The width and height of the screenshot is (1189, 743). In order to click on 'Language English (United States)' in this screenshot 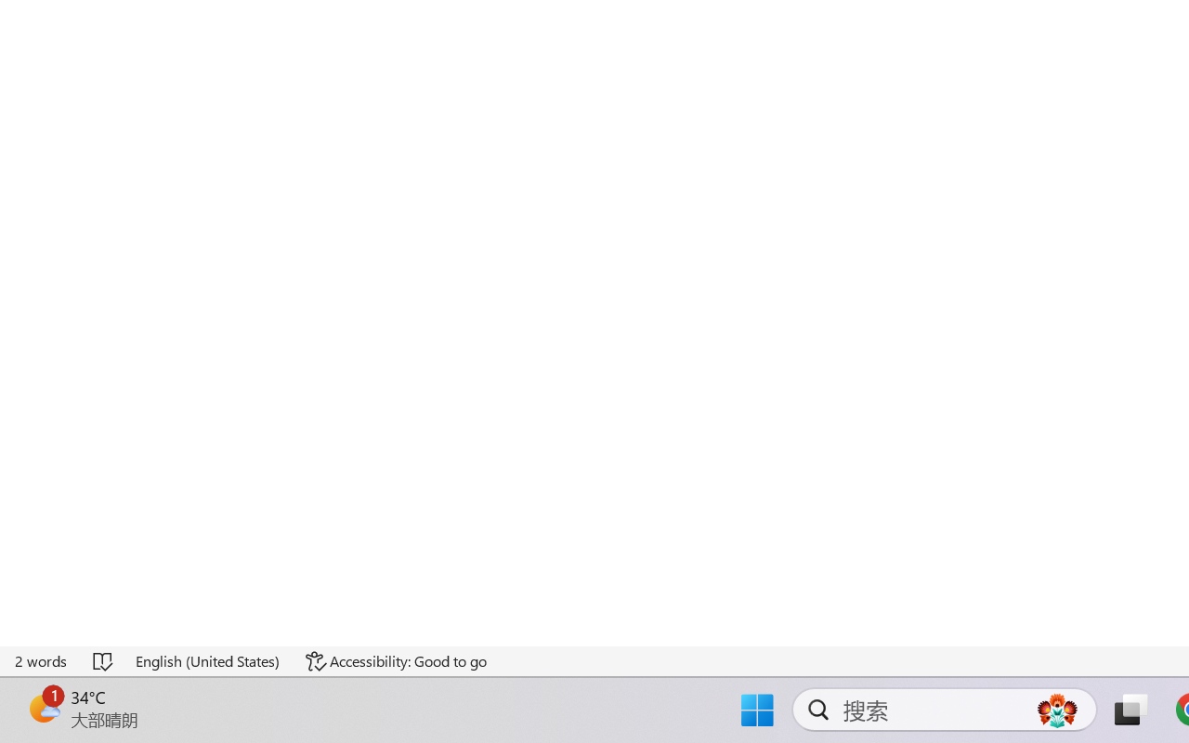, I will do `click(208, 660)`.